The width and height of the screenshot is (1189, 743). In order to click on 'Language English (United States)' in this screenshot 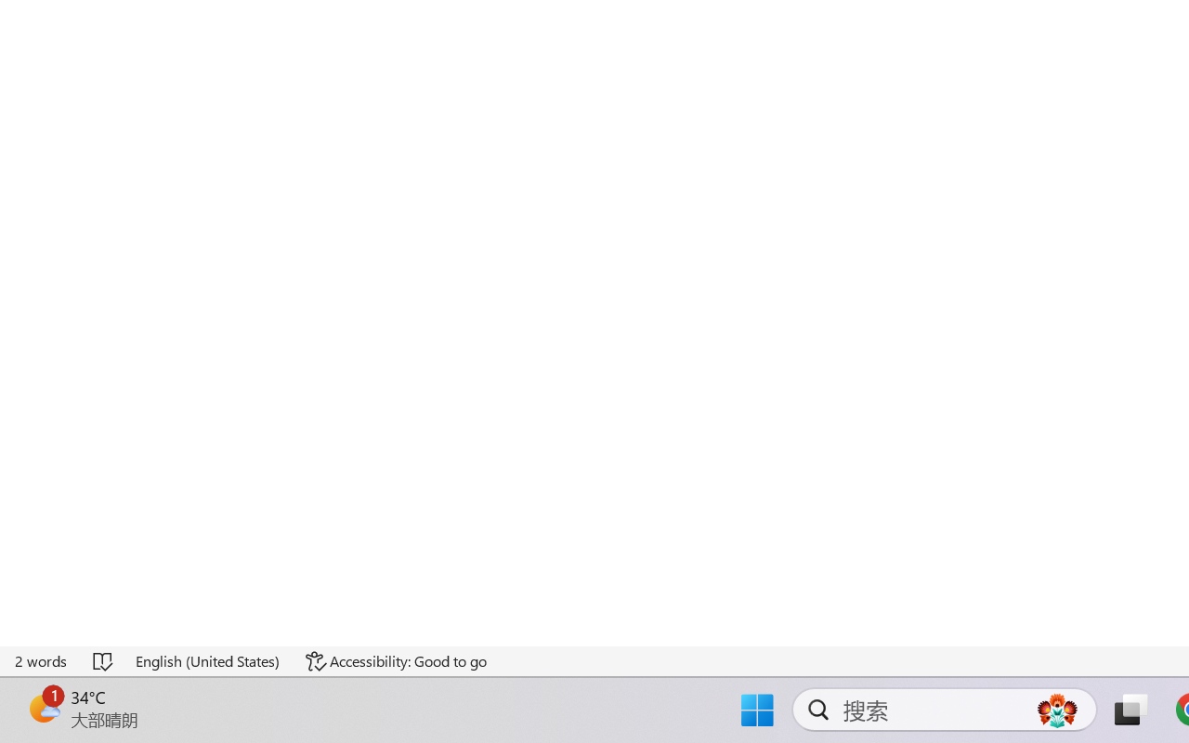, I will do `click(208, 660)`.